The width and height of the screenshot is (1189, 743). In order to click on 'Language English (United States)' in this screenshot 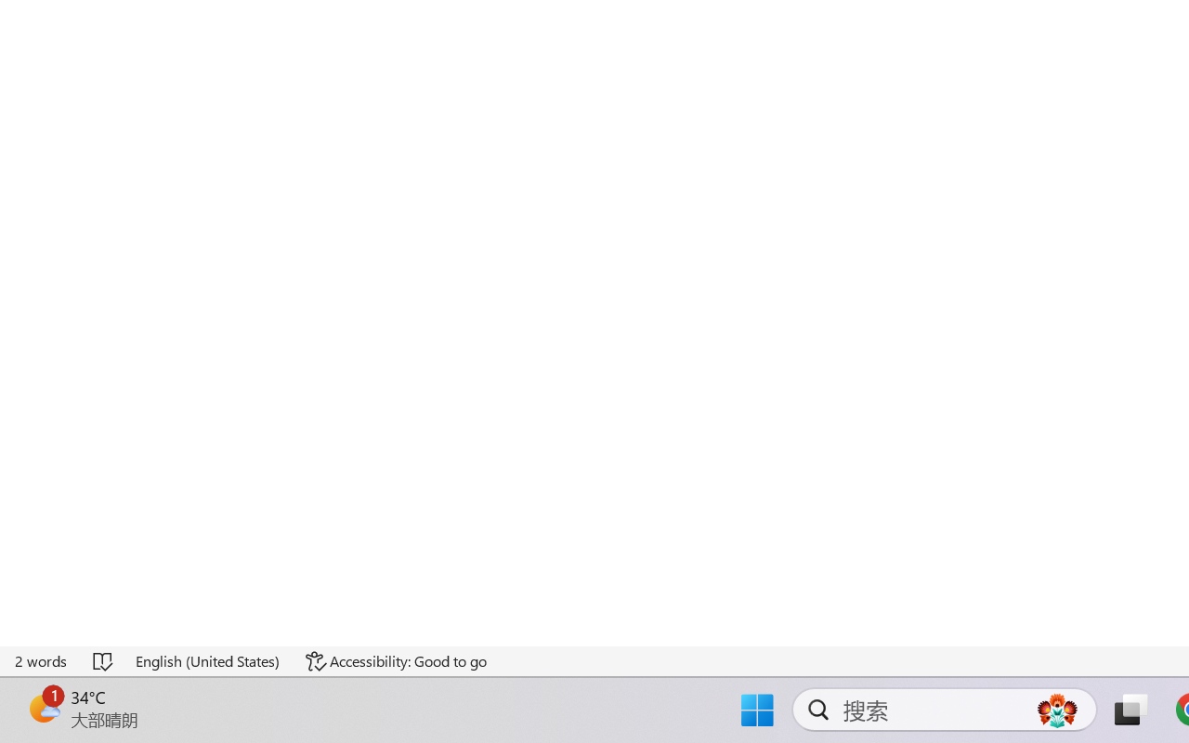, I will do `click(208, 660)`.